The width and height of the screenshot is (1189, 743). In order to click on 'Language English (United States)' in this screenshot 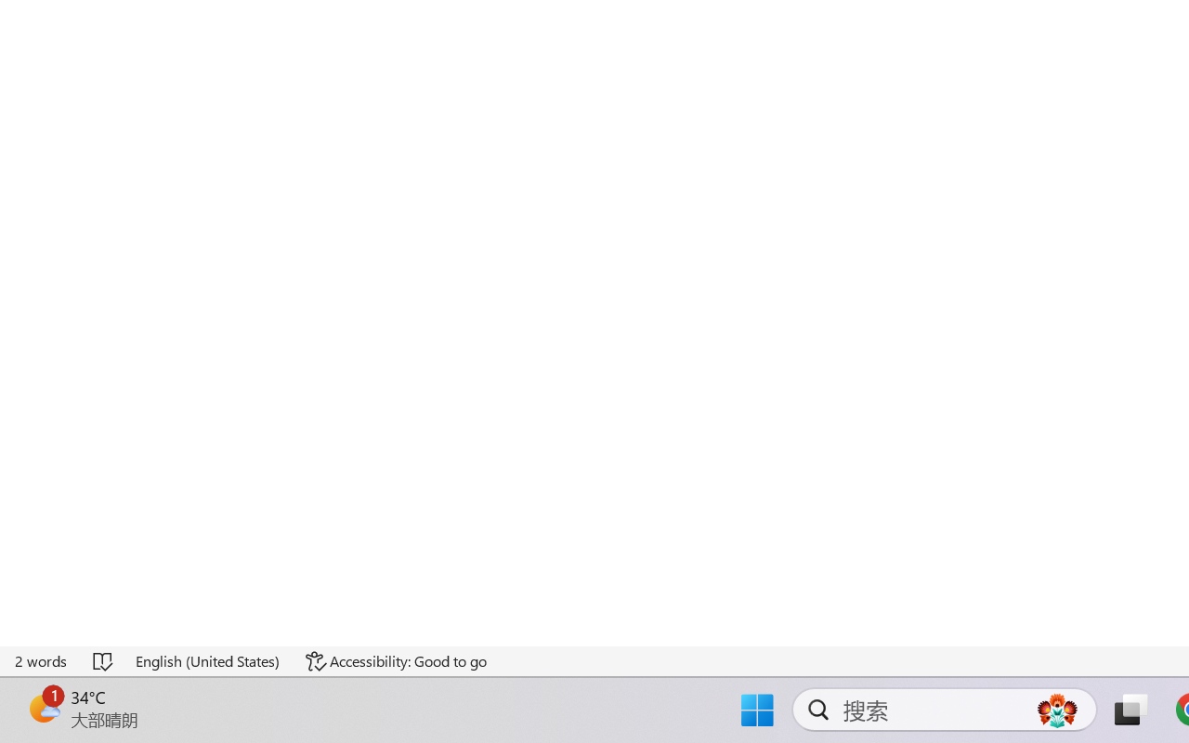, I will do `click(208, 660)`.